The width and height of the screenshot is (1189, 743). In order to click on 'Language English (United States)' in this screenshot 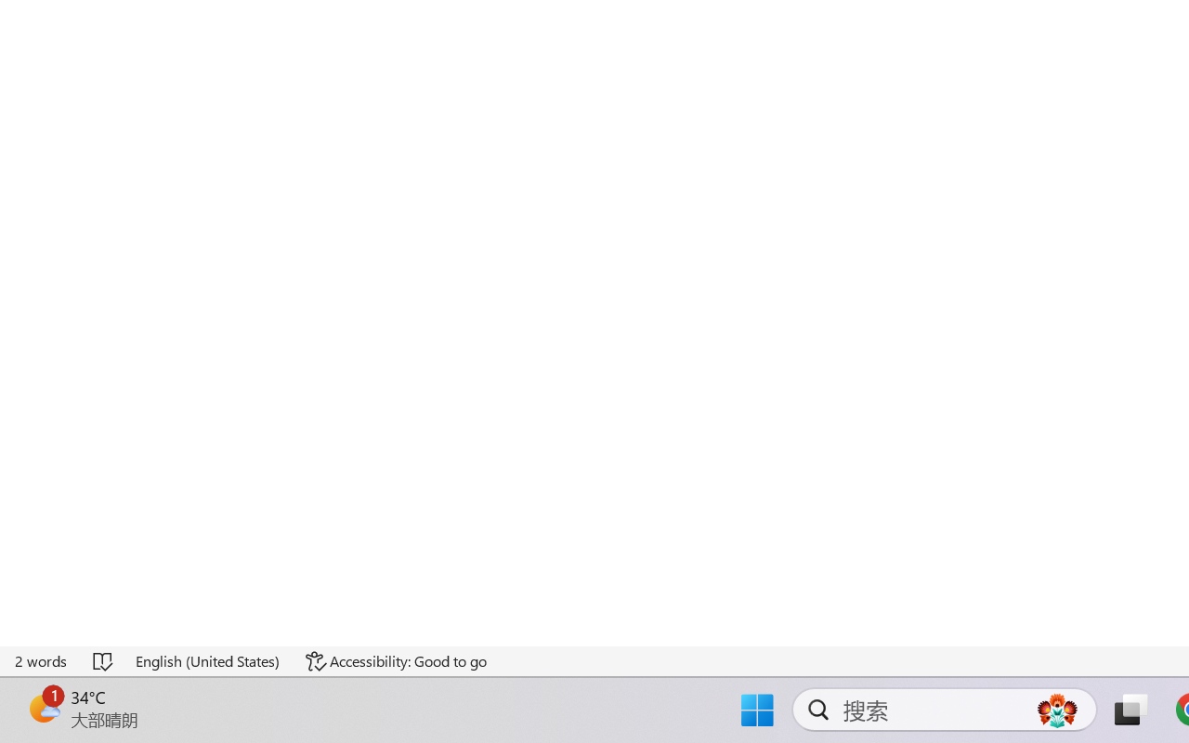, I will do `click(208, 660)`.